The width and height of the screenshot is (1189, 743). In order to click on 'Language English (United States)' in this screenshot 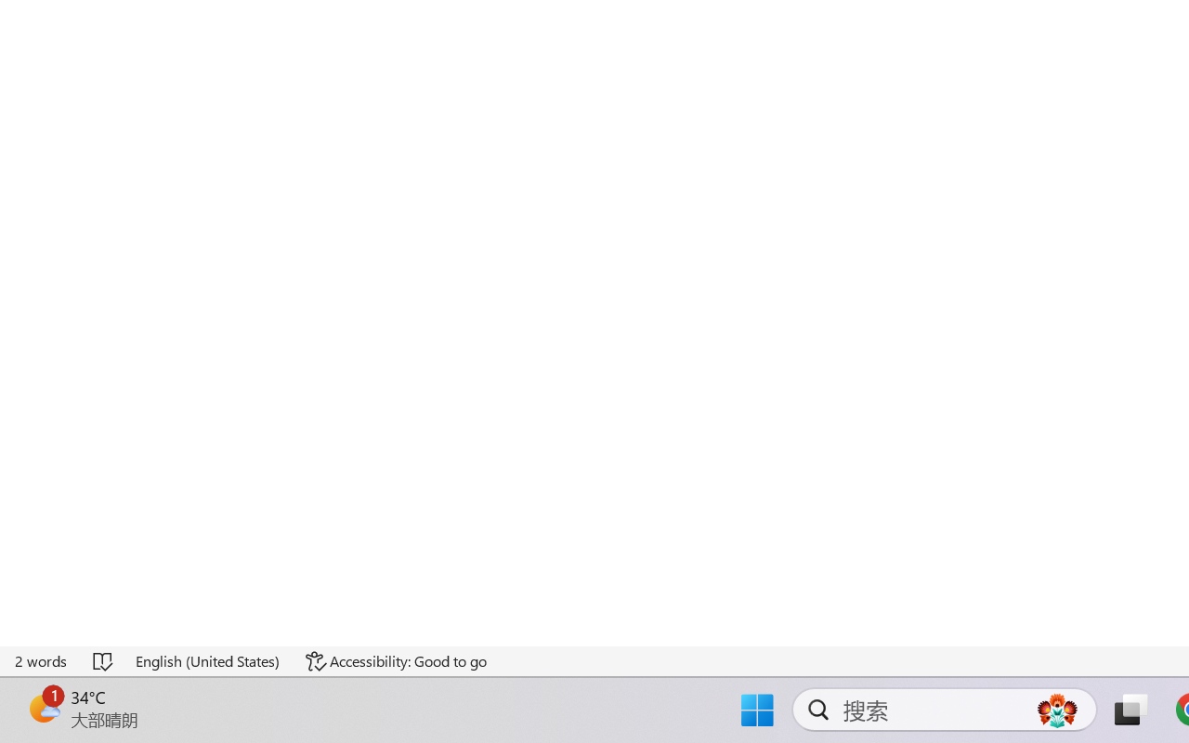, I will do `click(208, 660)`.